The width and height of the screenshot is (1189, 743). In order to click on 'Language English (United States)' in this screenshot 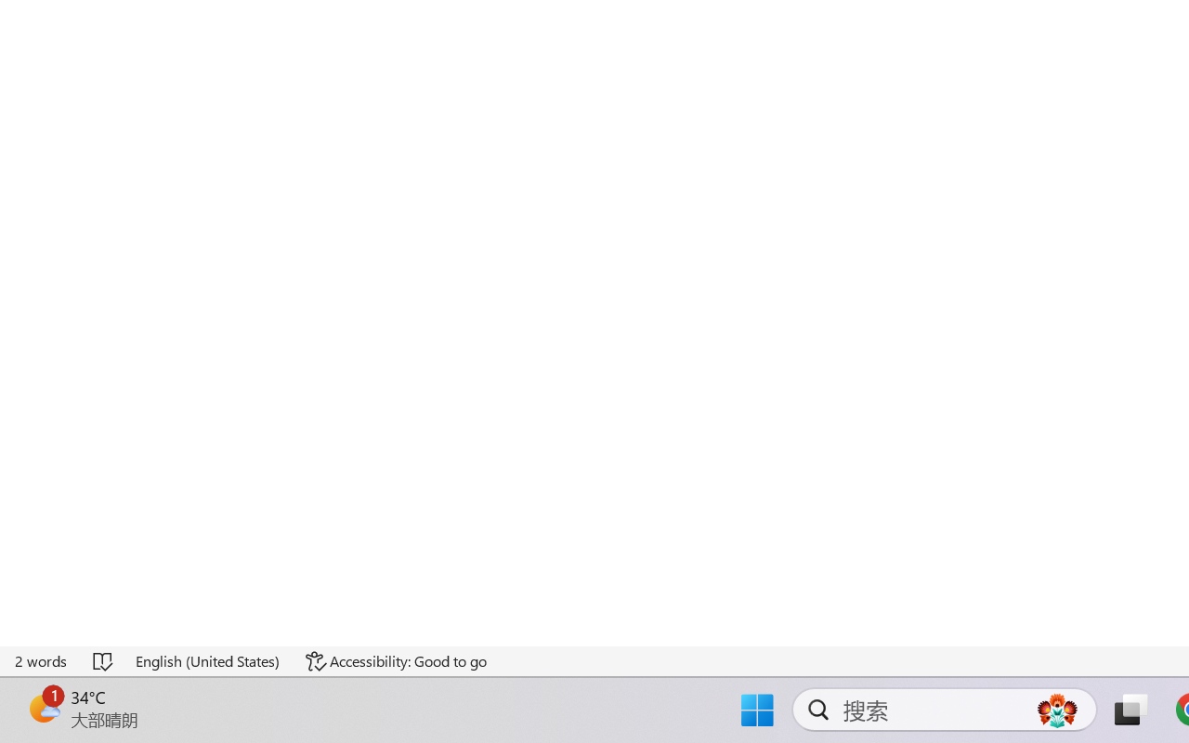, I will do `click(208, 660)`.